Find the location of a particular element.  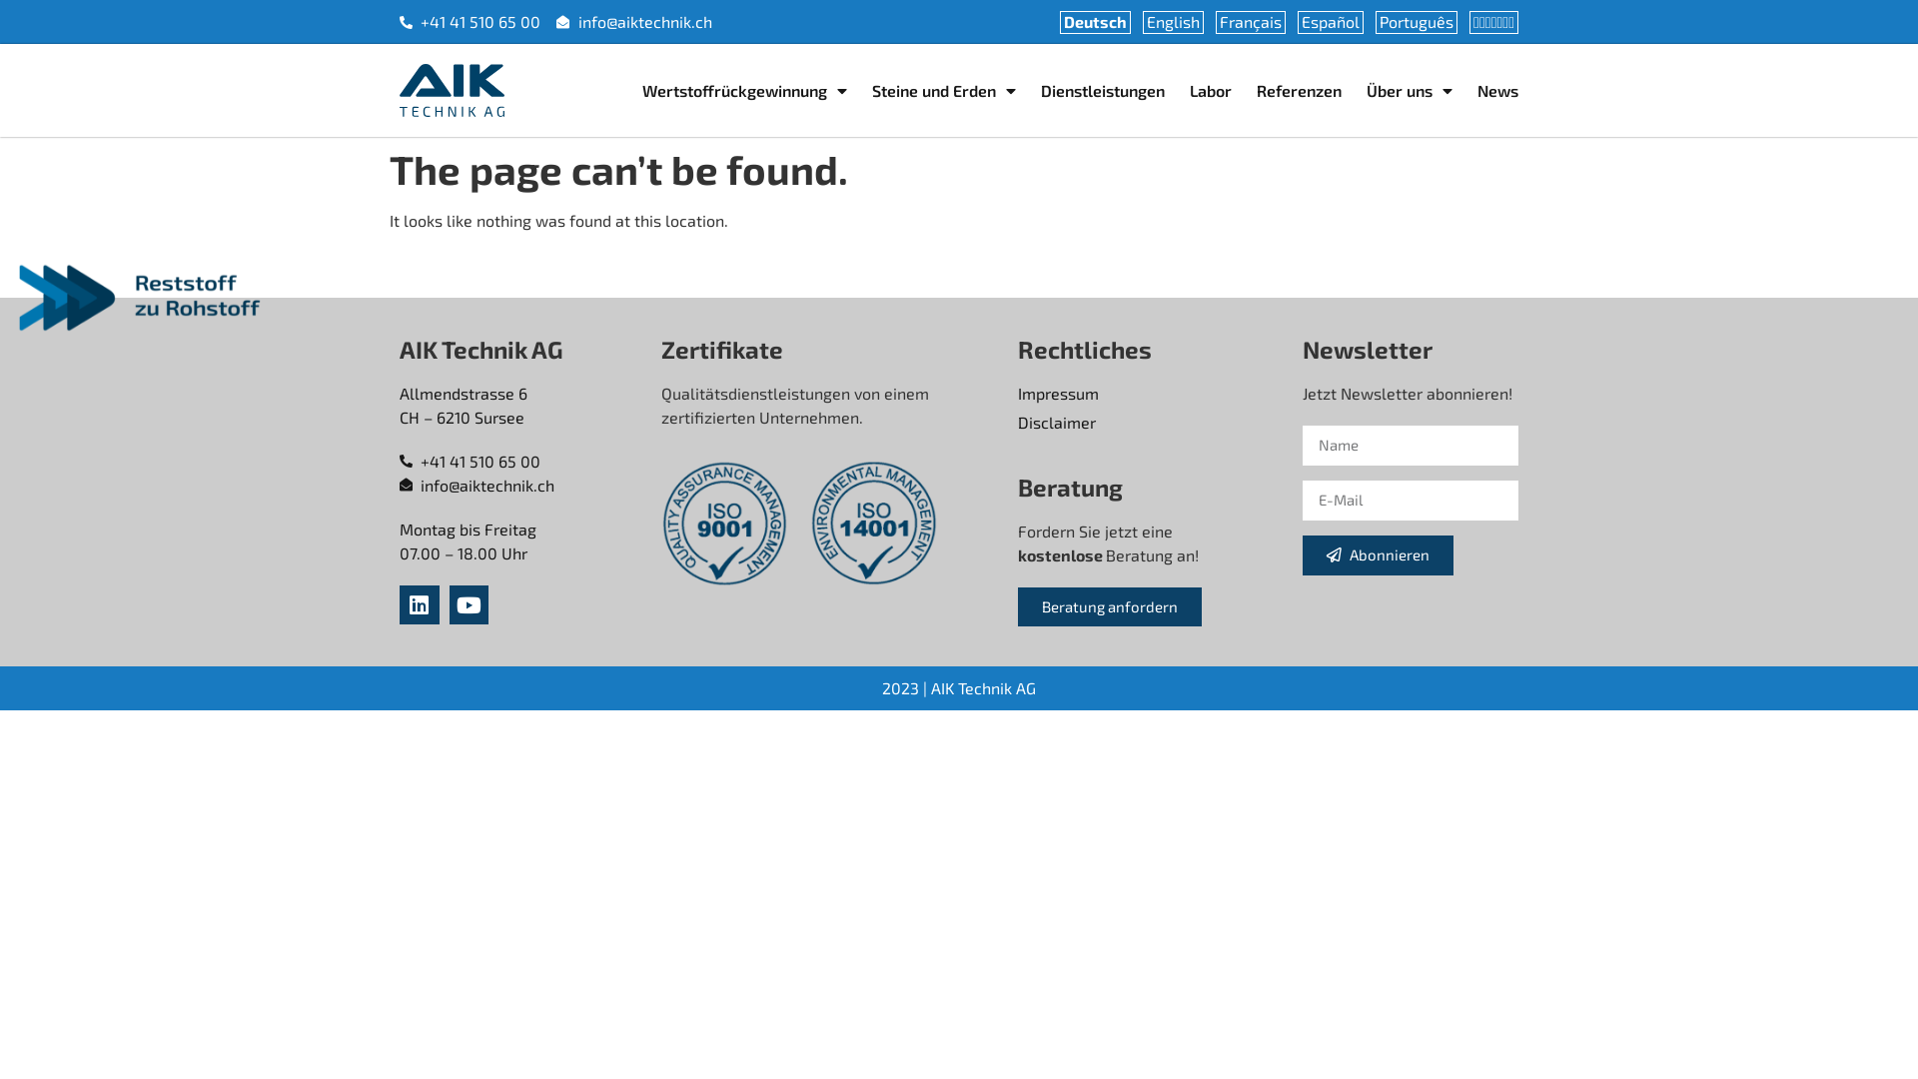

'Disclaimer' is located at coordinates (1017, 422).